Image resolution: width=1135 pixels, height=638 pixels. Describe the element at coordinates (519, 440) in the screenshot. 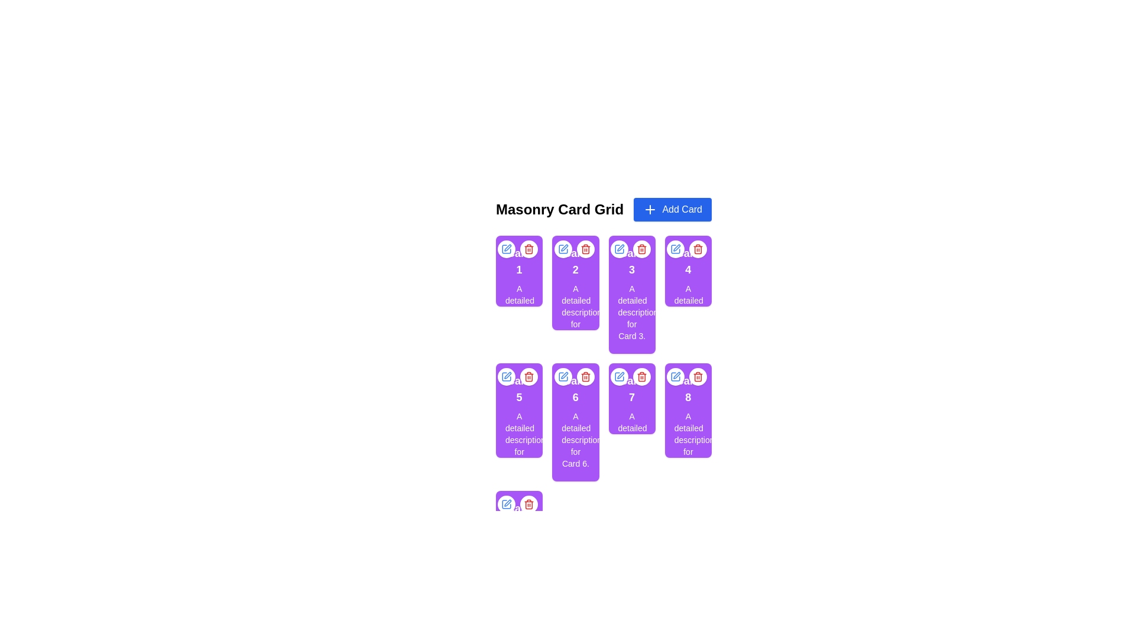

I see `the static Text Label that provides additional information about 'Card 5', located in the second vertical section of the card, immediately below its title` at that location.